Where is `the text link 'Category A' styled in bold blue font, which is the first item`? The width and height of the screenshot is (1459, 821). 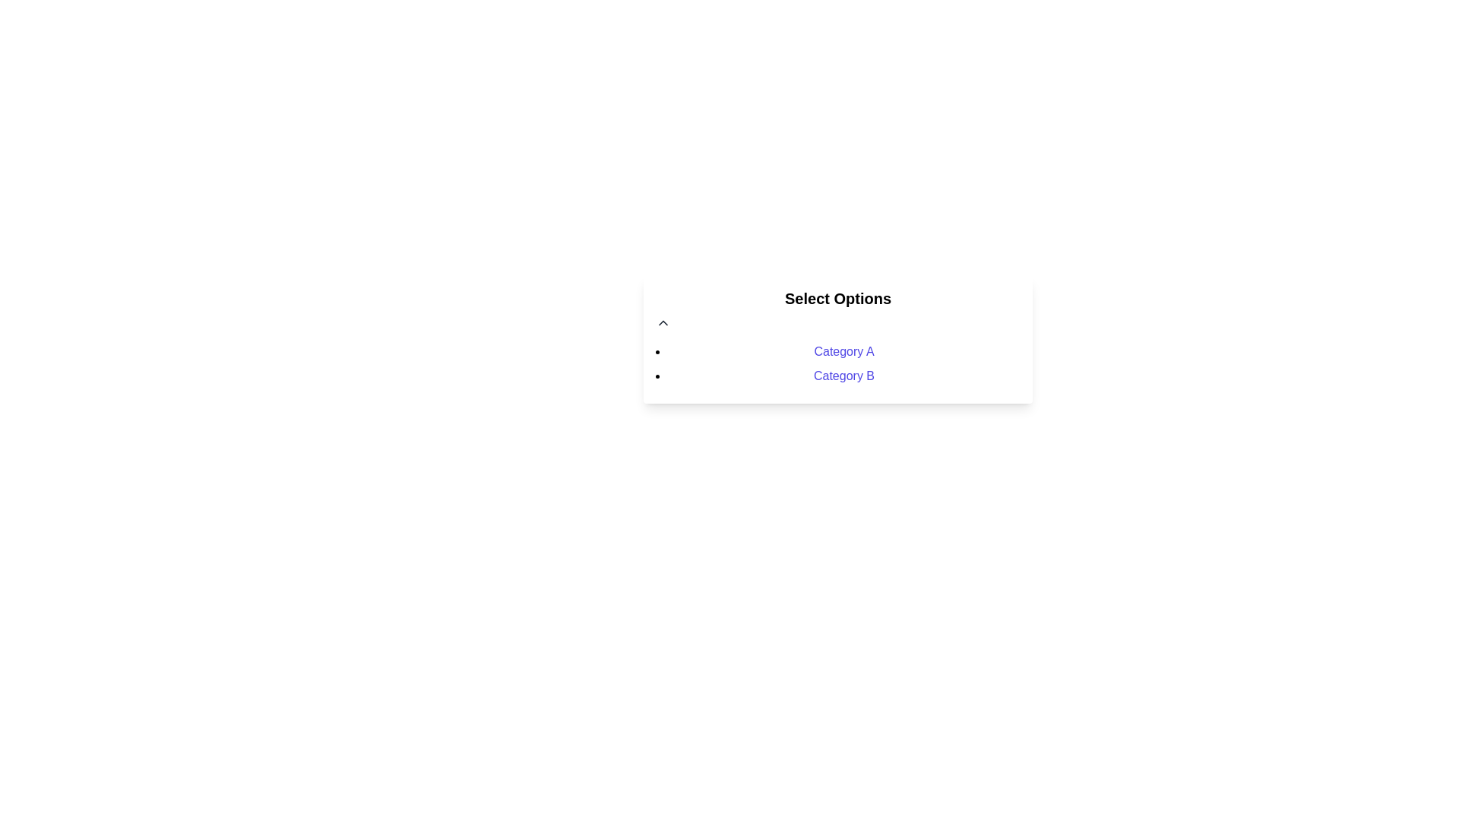
the text link 'Category A' styled in bold blue font, which is the first item is located at coordinates (843, 351).